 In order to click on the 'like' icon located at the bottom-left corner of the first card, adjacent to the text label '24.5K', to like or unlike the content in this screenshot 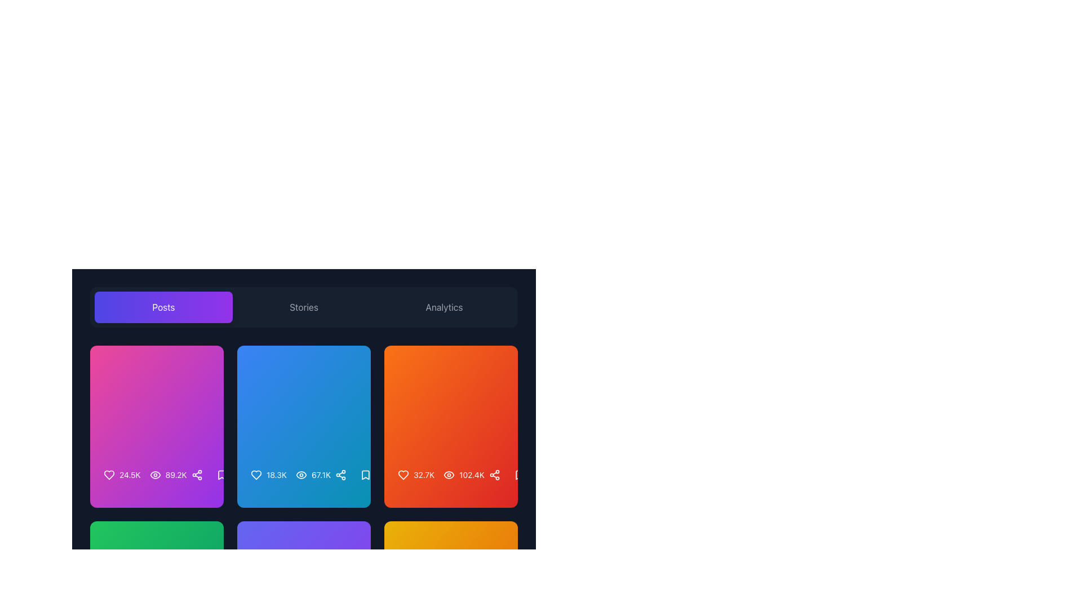, I will do `click(109, 475)`.